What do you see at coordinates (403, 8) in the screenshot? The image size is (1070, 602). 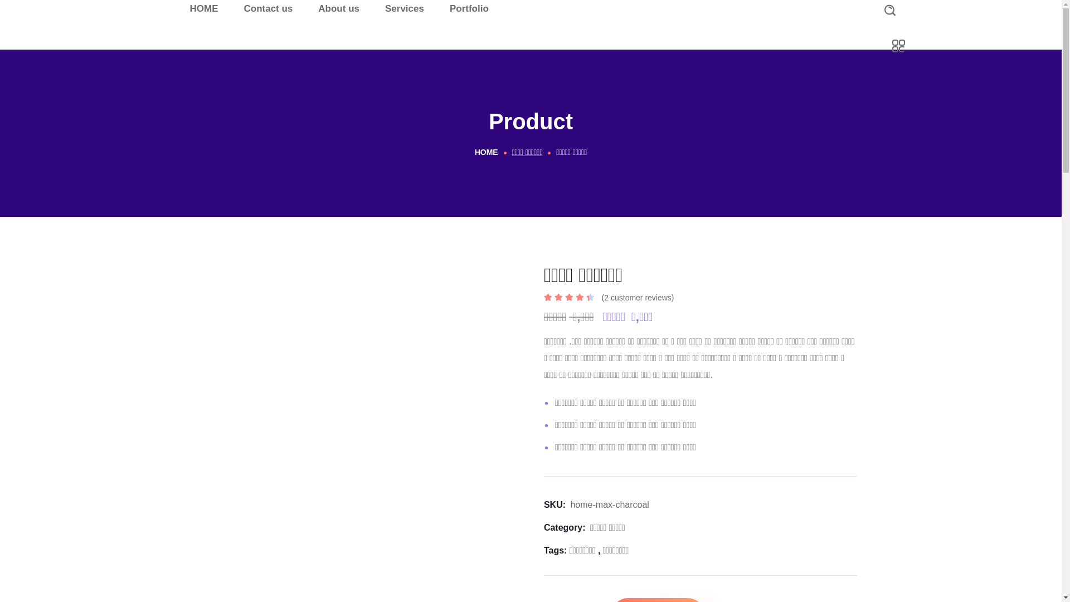 I see `'Services'` at bounding box center [403, 8].